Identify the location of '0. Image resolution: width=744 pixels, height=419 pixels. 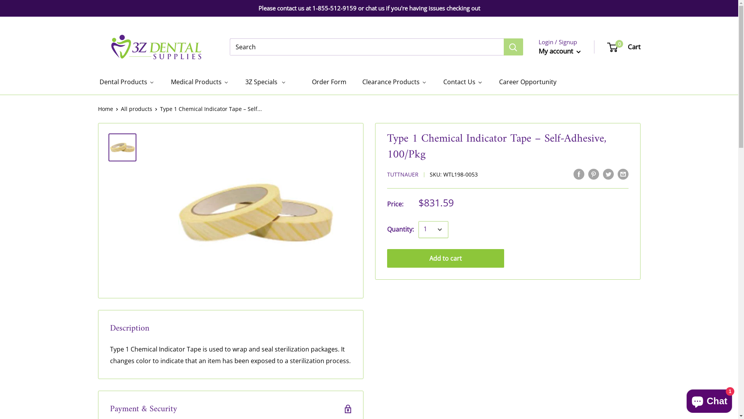
(607, 47).